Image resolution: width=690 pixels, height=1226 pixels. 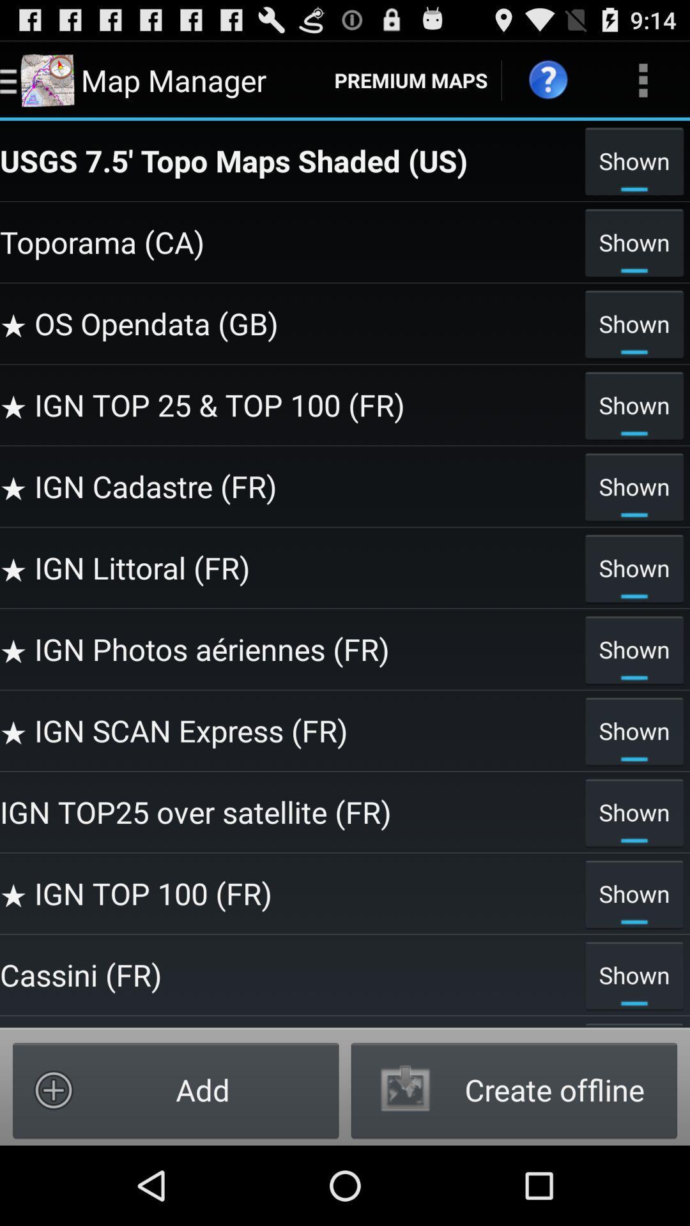 What do you see at coordinates (513, 1089) in the screenshot?
I see `the icon below shown` at bounding box center [513, 1089].